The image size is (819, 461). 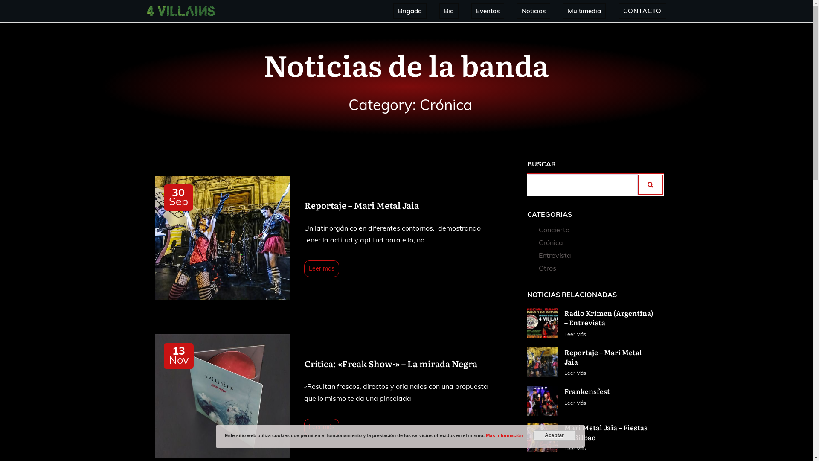 What do you see at coordinates (448, 11) in the screenshot?
I see `'Bio'` at bounding box center [448, 11].